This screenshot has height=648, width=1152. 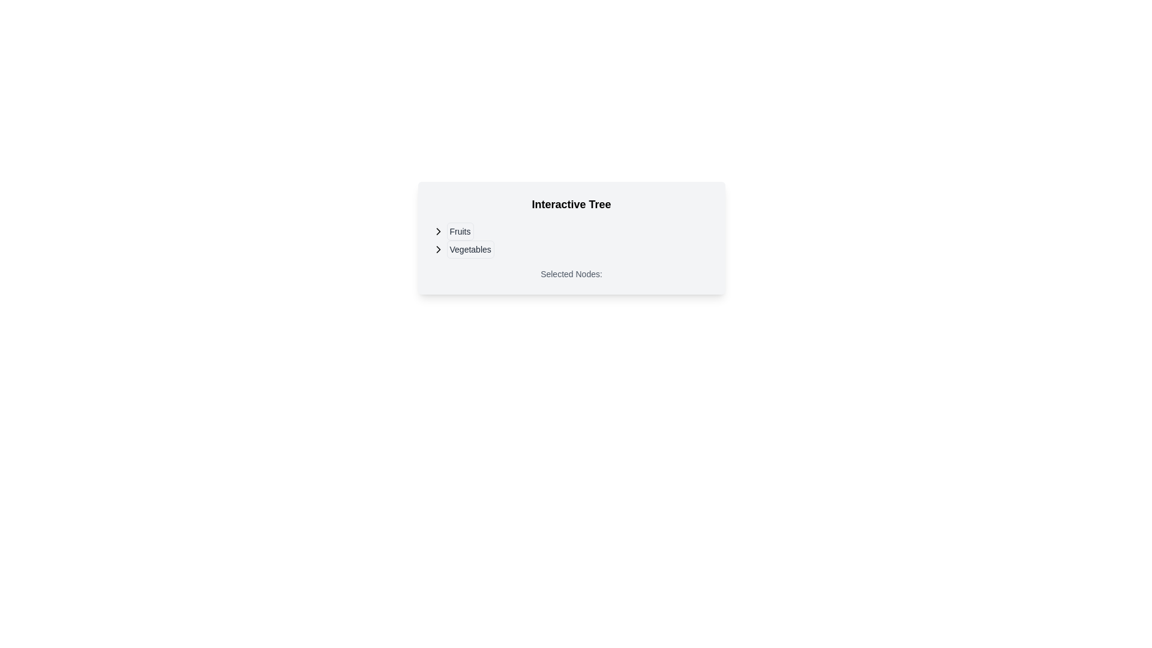 What do you see at coordinates (571, 274) in the screenshot?
I see `the text label displaying the currently selected nodes in the interactive tree component, which is located under the heading 'Interactive Tree'` at bounding box center [571, 274].